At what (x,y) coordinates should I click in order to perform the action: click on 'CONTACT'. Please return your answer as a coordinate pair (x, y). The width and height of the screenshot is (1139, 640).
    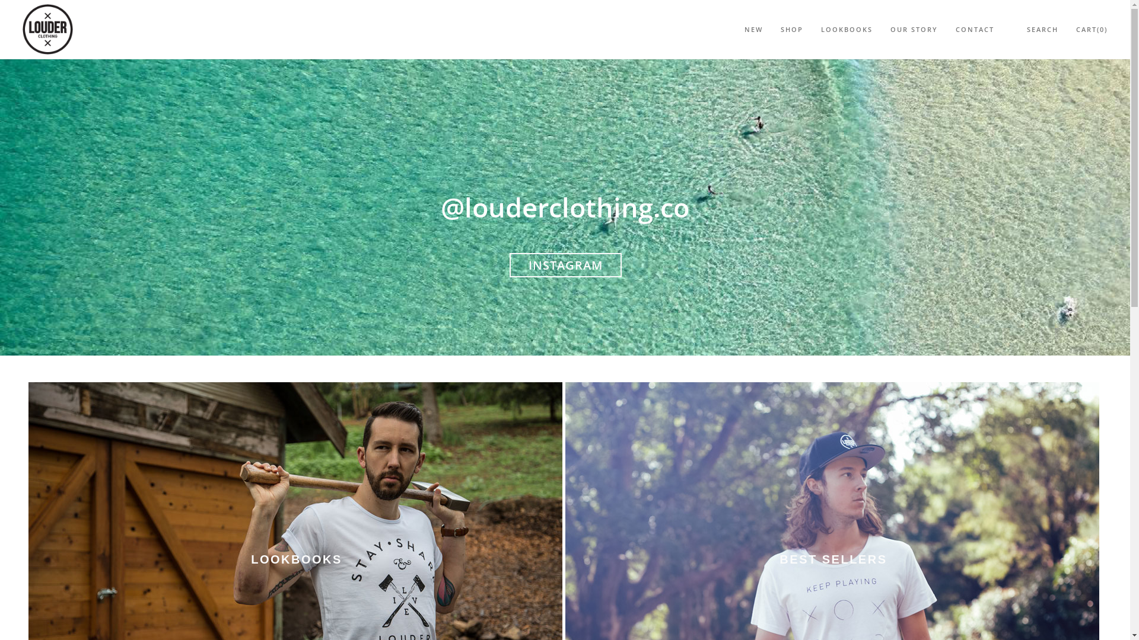
    Looking at the image, I should click on (975, 29).